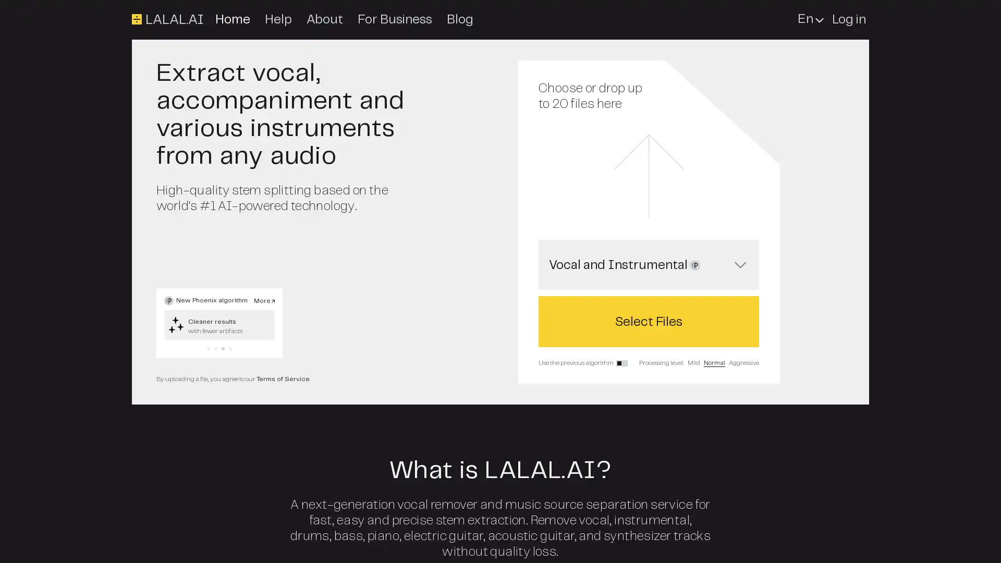  Describe the element at coordinates (974, 536) in the screenshot. I see `Open Intercom Messenger` at that location.